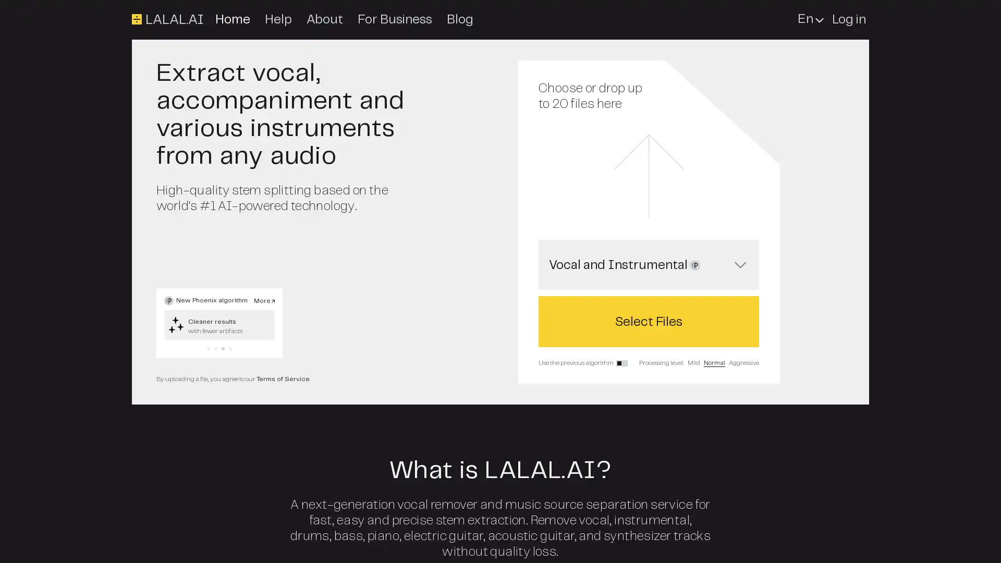  Describe the element at coordinates (974, 536) in the screenshot. I see `Open Intercom Messenger` at that location.